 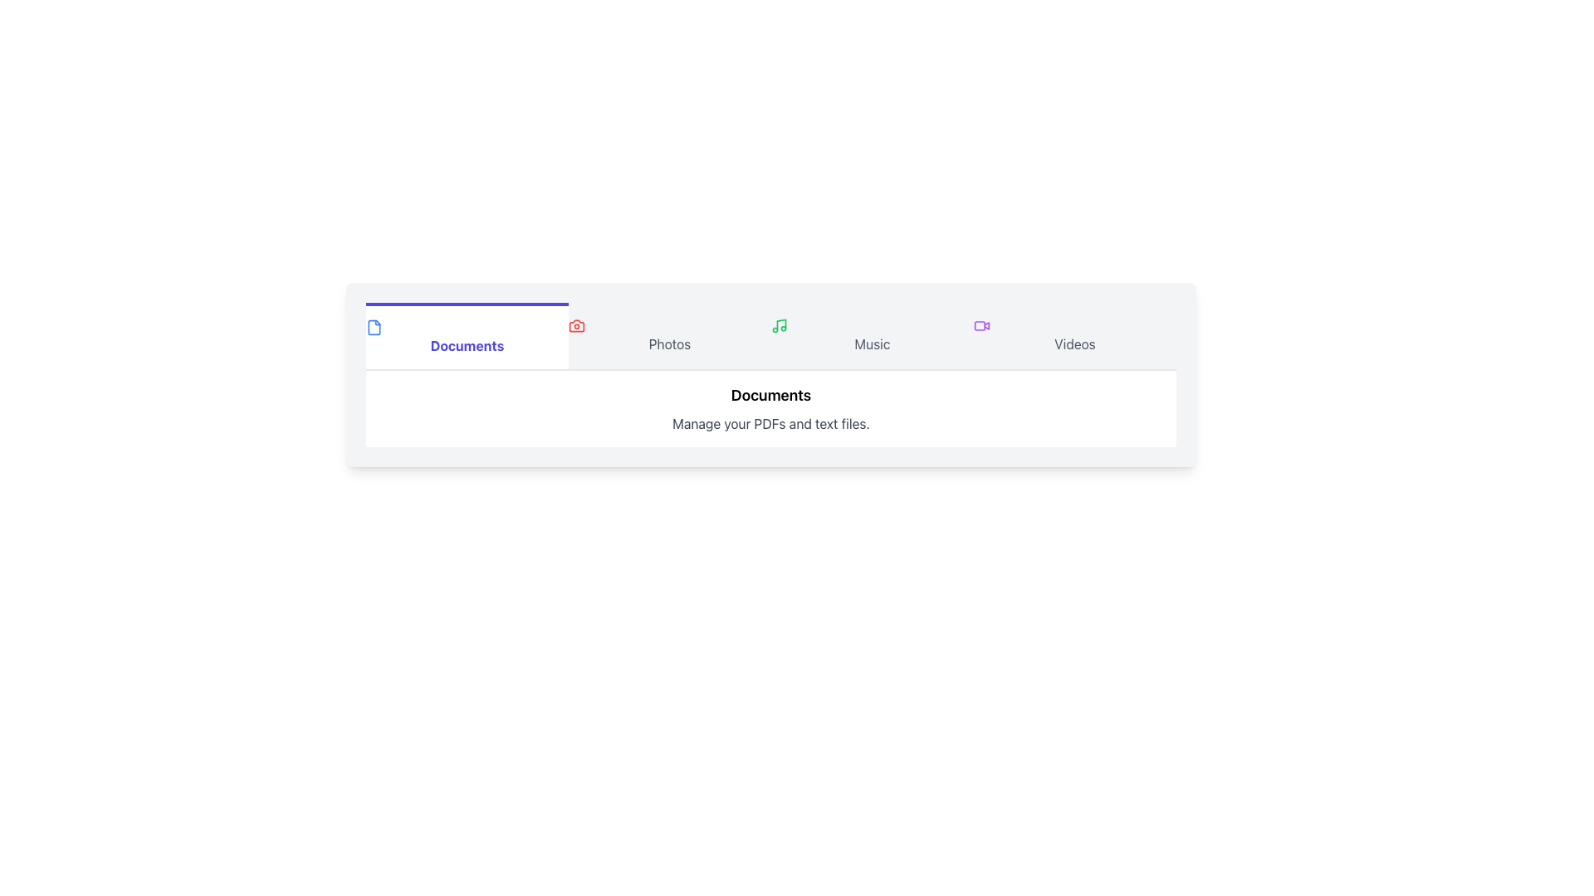 I want to click on the navigation button for videos located at the top right corner of the tab bar, so click(x=1075, y=336).